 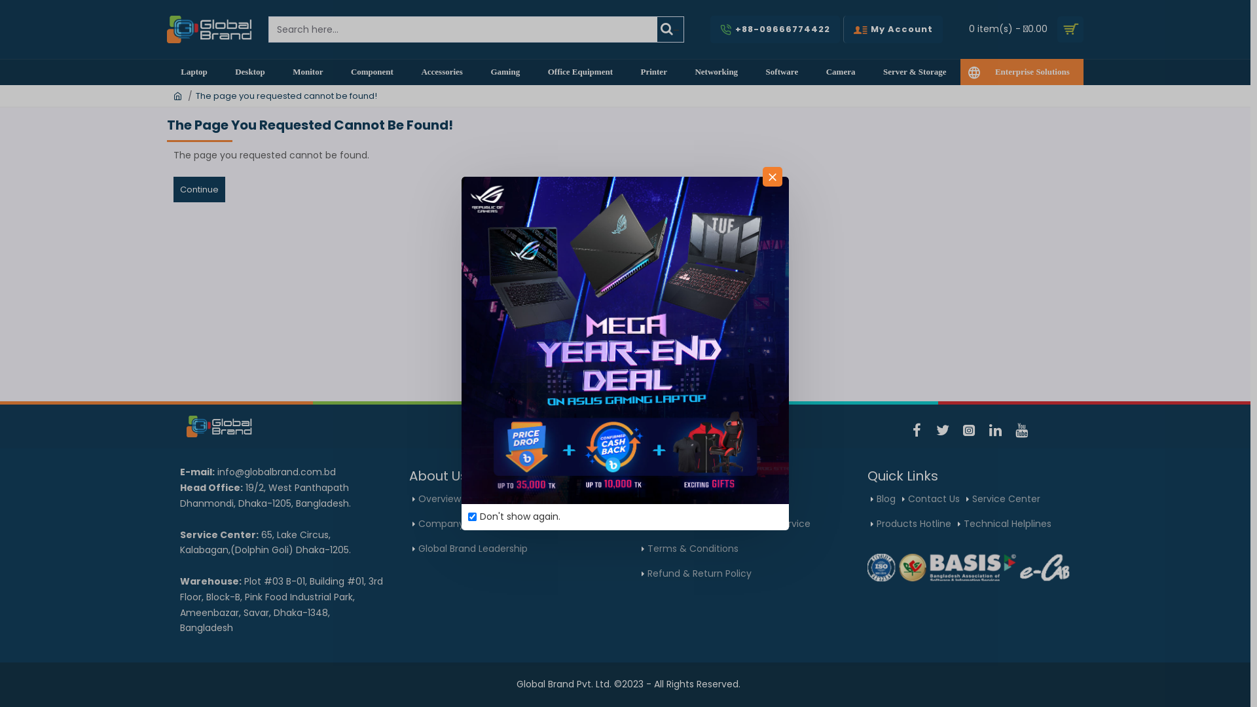 I want to click on 'Component', so click(x=372, y=72).